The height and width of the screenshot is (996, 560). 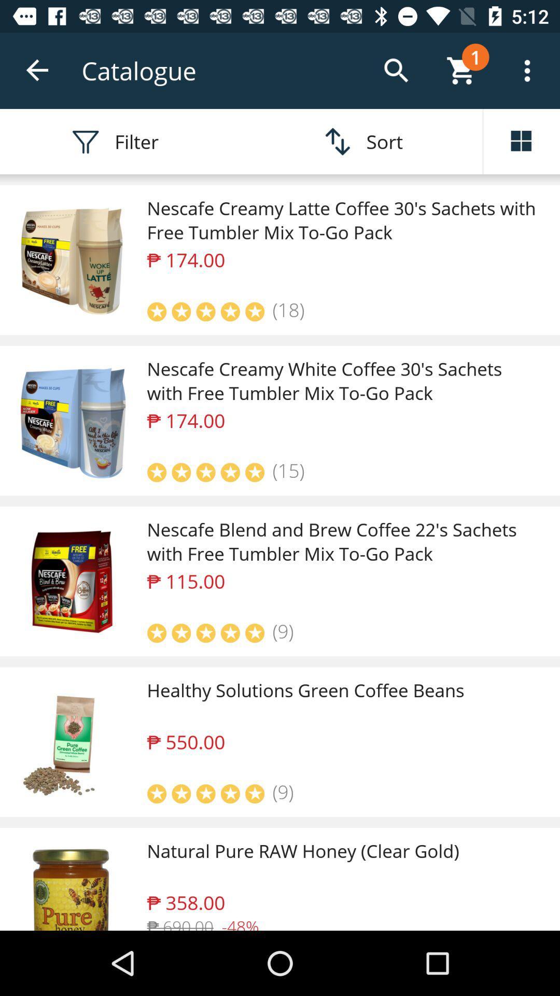 What do you see at coordinates (522, 141) in the screenshot?
I see `options menu` at bounding box center [522, 141].